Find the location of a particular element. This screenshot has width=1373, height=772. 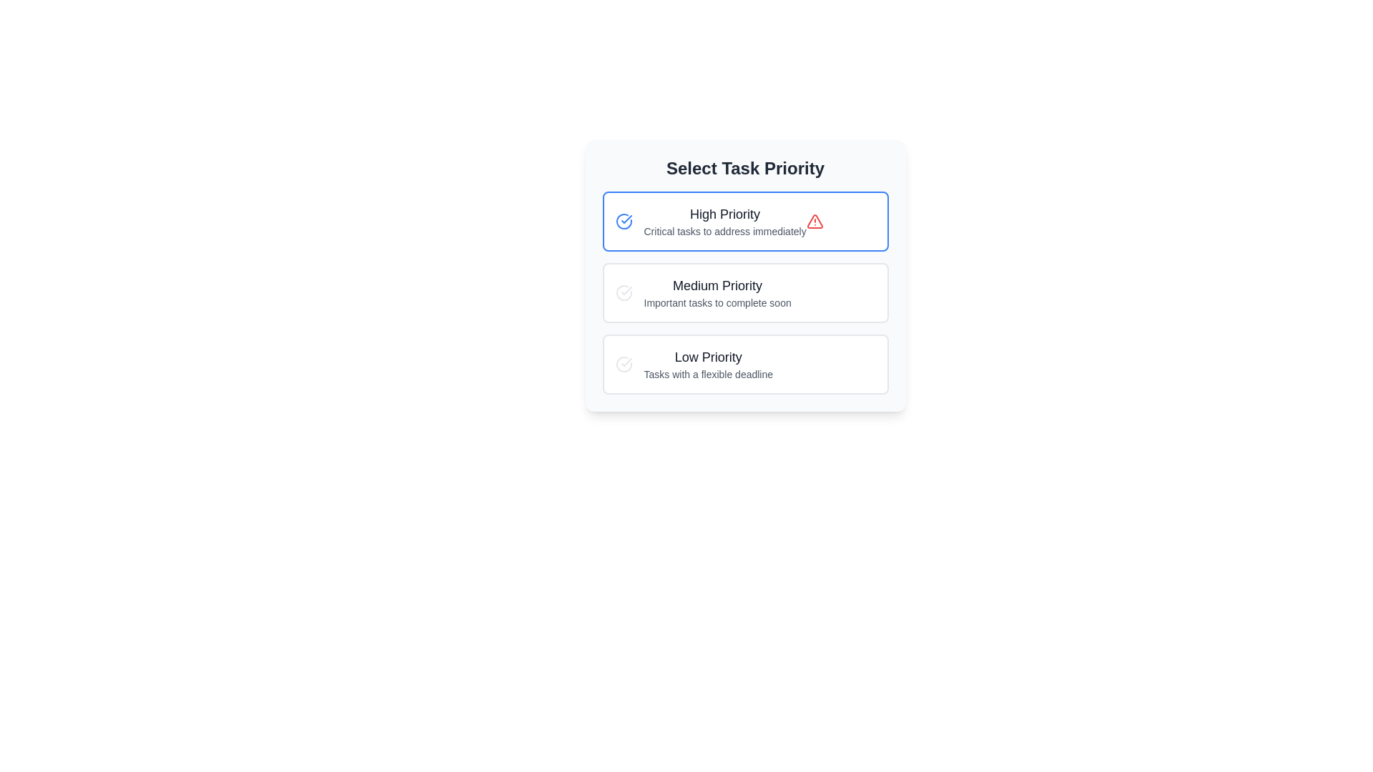

the text snippet styled in smaller gray font reading 'Tasks with a flexible deadline', which is located beneath the bold text 'Low Priority' in the card labeled 'Low Priority' is located at coordinates (708, 374).